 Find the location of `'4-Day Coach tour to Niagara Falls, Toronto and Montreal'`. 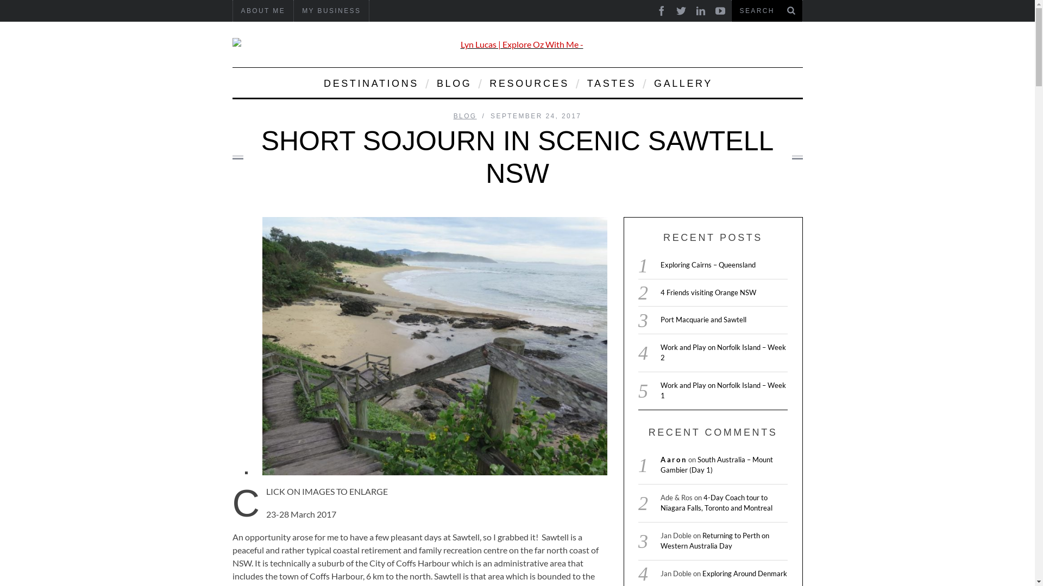

'4-Day Coach tour to Niagara Falls, Toronto and Montreal' is located at coordinates (659, 502).